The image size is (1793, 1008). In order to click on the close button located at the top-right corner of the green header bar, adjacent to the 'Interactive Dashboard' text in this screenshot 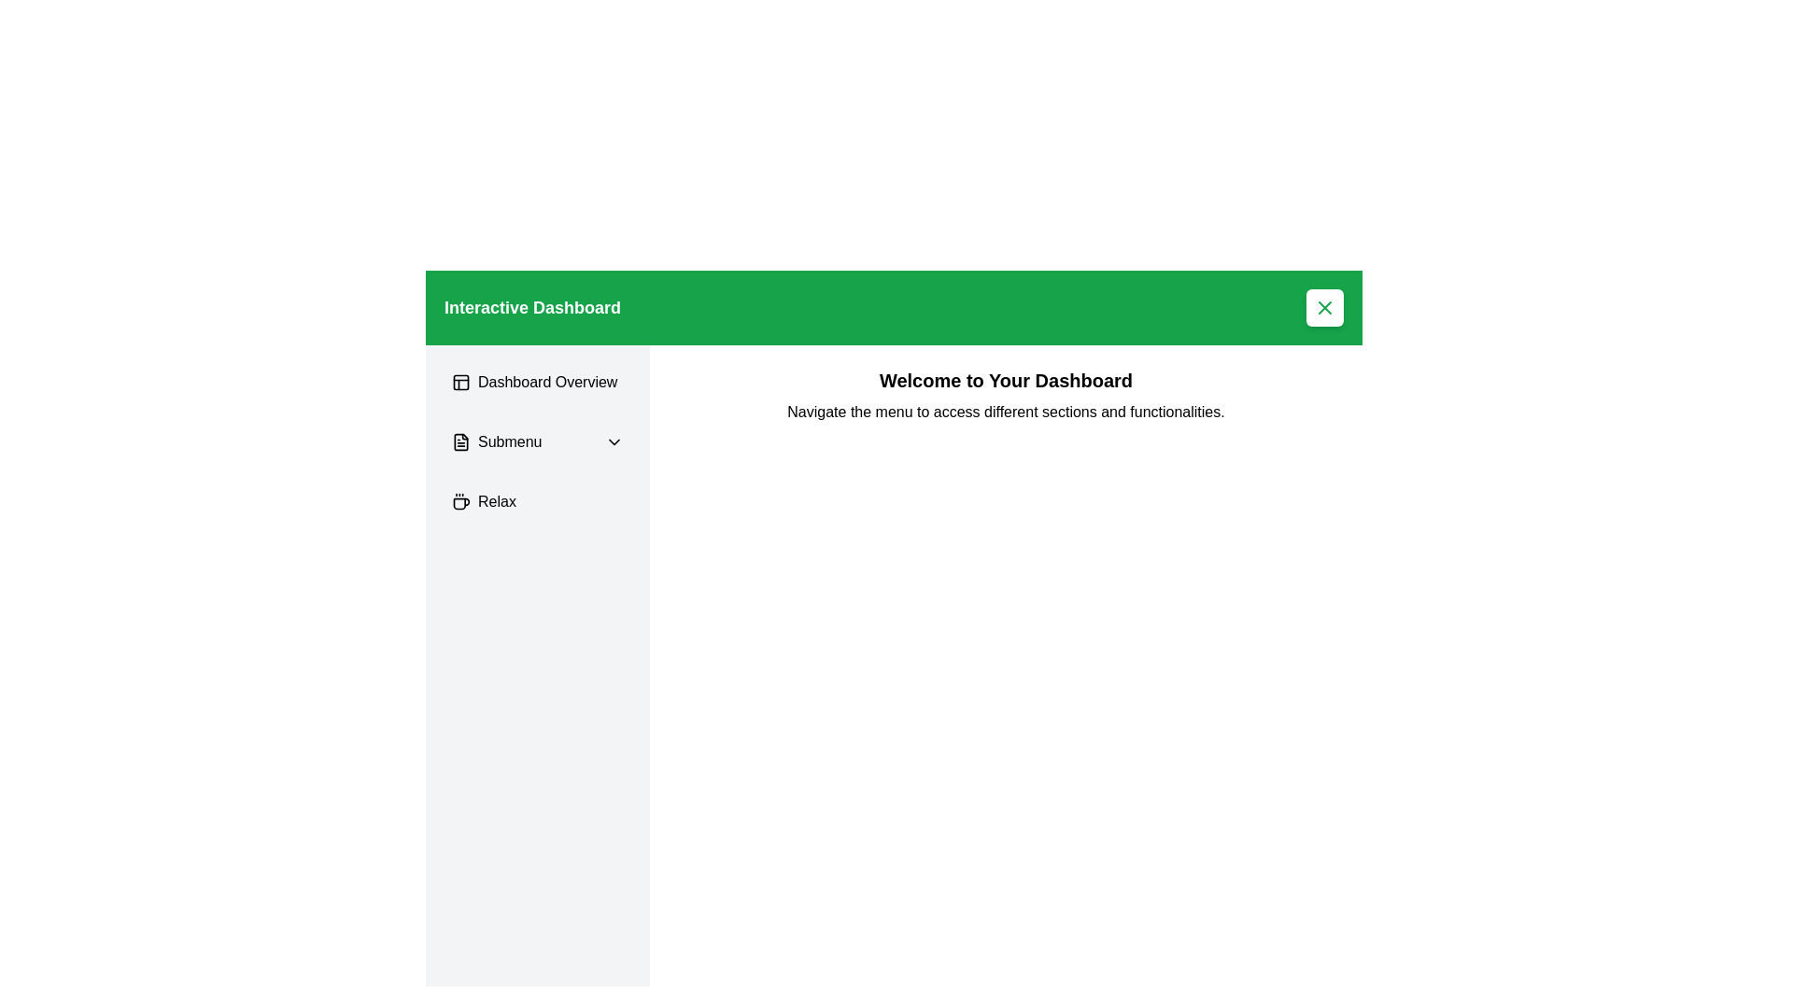, I will do `click(1324, 307)`.